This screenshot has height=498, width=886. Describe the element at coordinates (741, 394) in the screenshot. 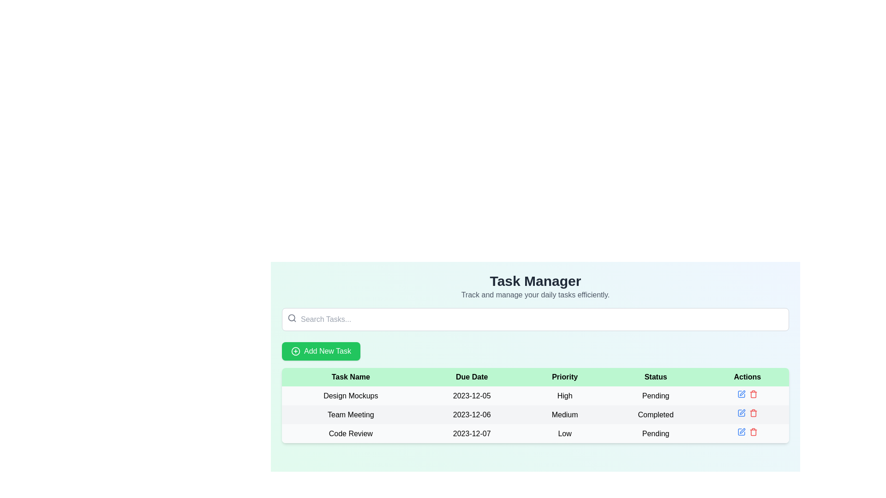

I see `the action button located in the Actions column of the first row for the 'Design Mockups' task` at that location.